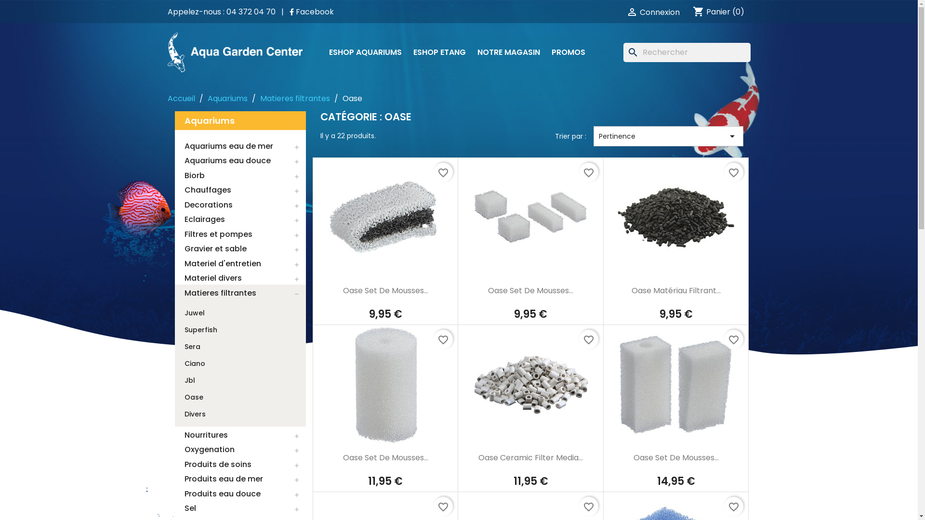  What do you see at coordinates (240, 248) in the screenshot?
I see `'Gravier et sable'` at bounding box center [240, 248].